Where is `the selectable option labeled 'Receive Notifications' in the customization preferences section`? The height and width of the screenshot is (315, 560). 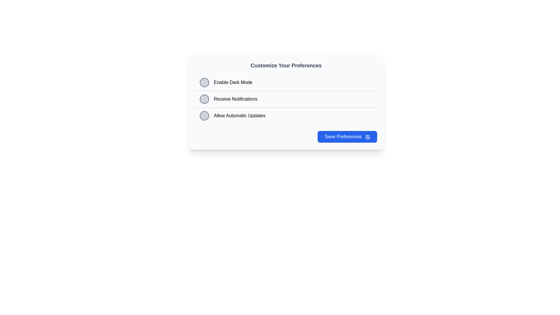 the selectable option labeled 'Receive Notifications' in the customization preferences section is located at coordinates (286, 102).